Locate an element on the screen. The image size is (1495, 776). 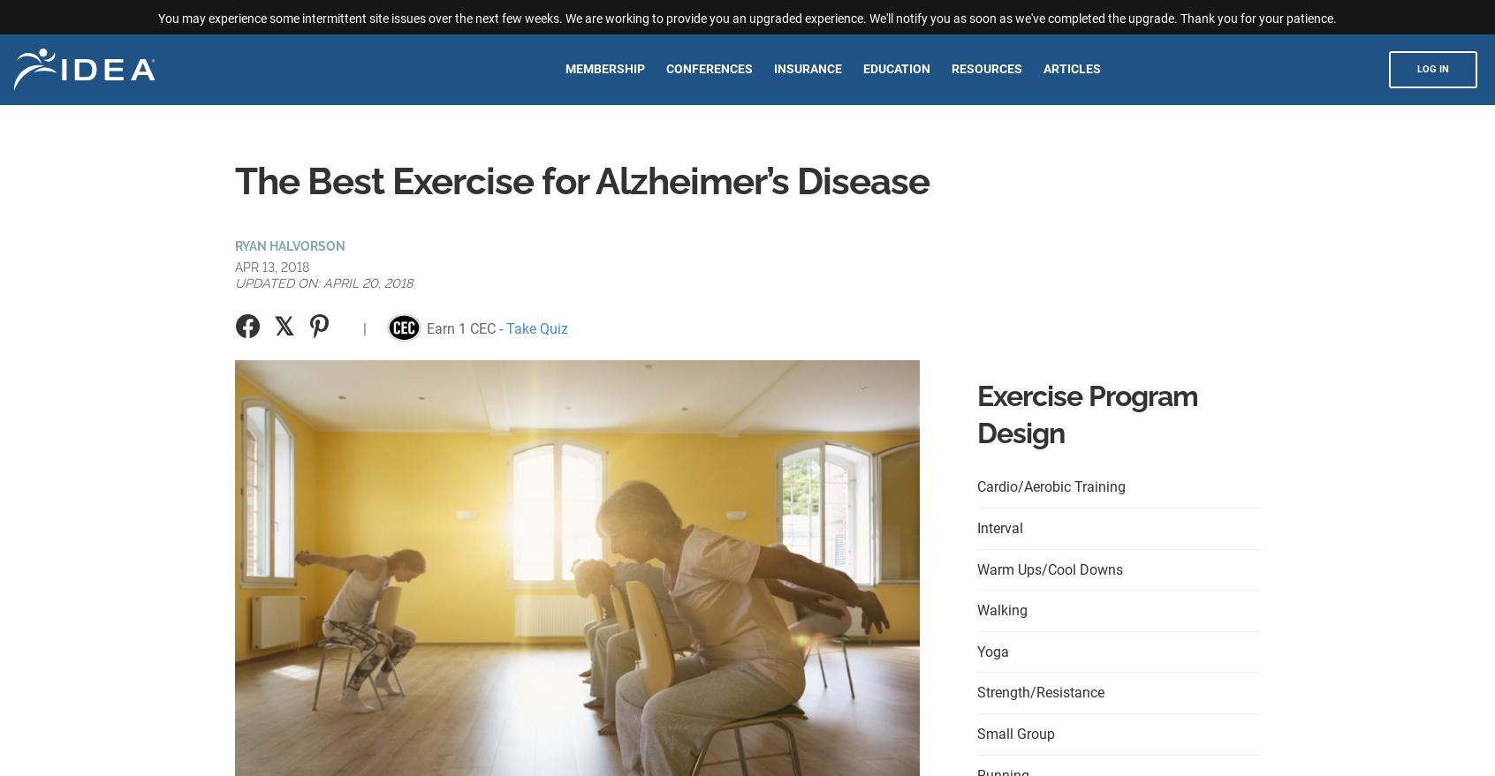
'Walking' is located at coordinates (977, 610).